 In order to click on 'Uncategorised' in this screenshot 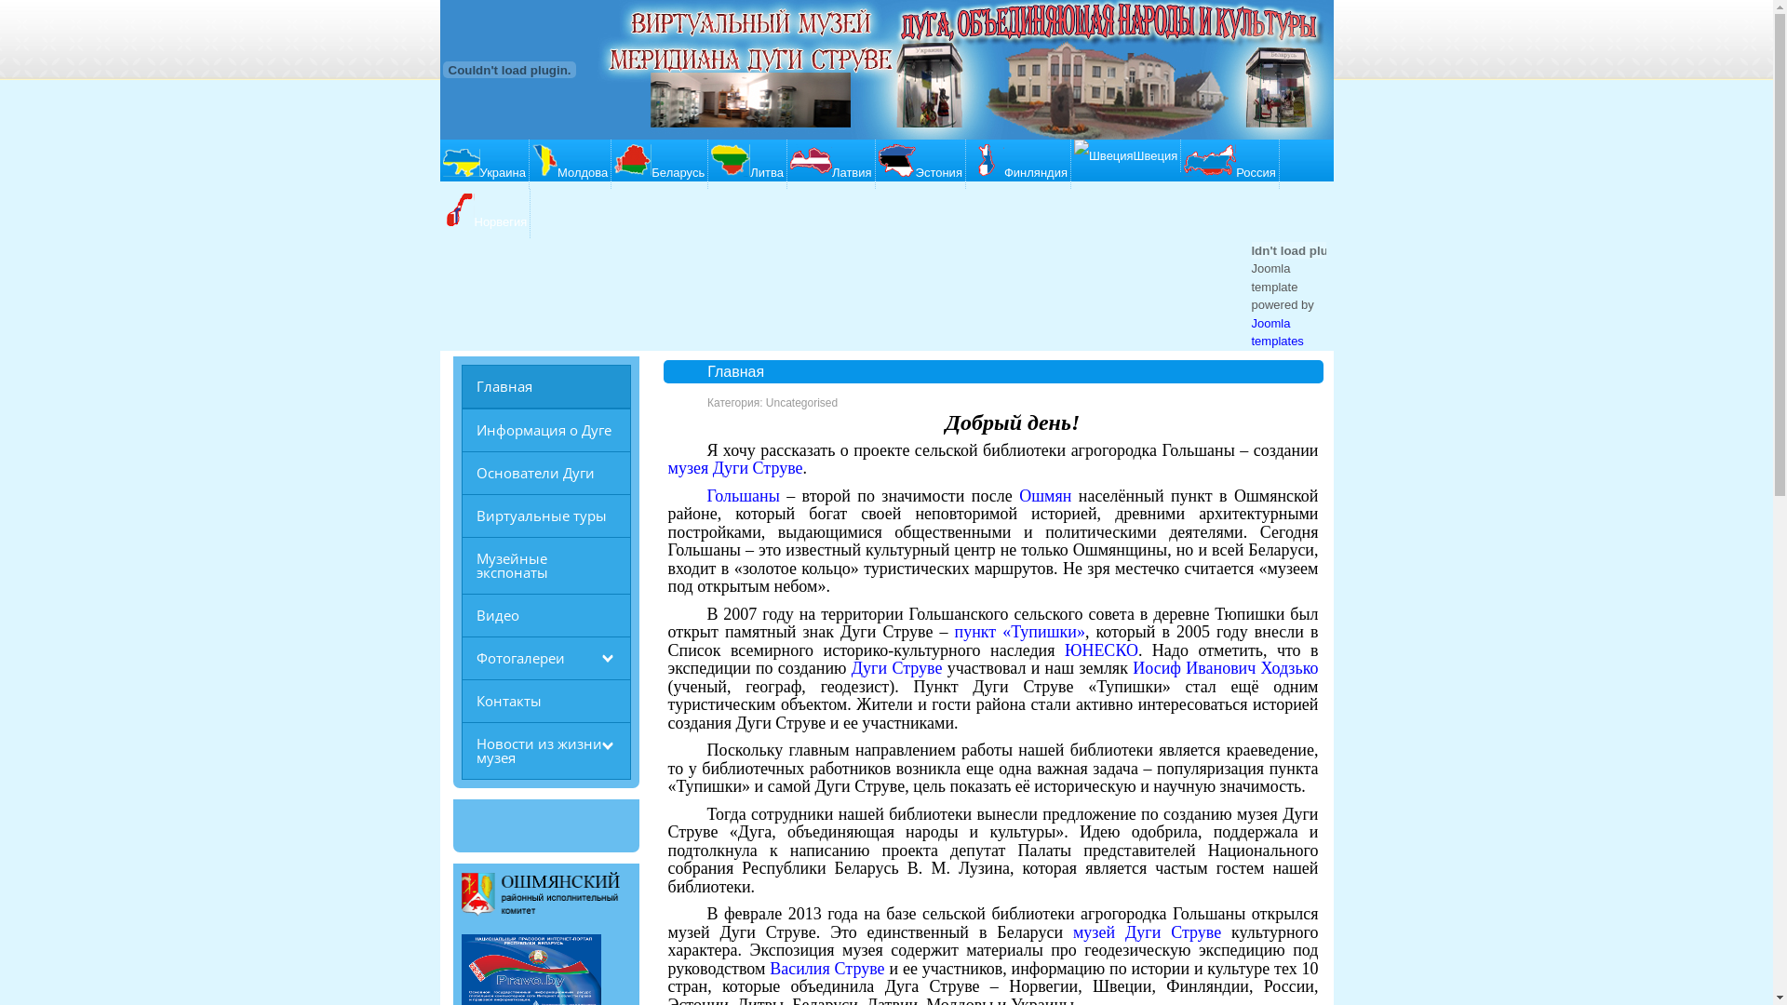, I will do `click(801, 401)`.